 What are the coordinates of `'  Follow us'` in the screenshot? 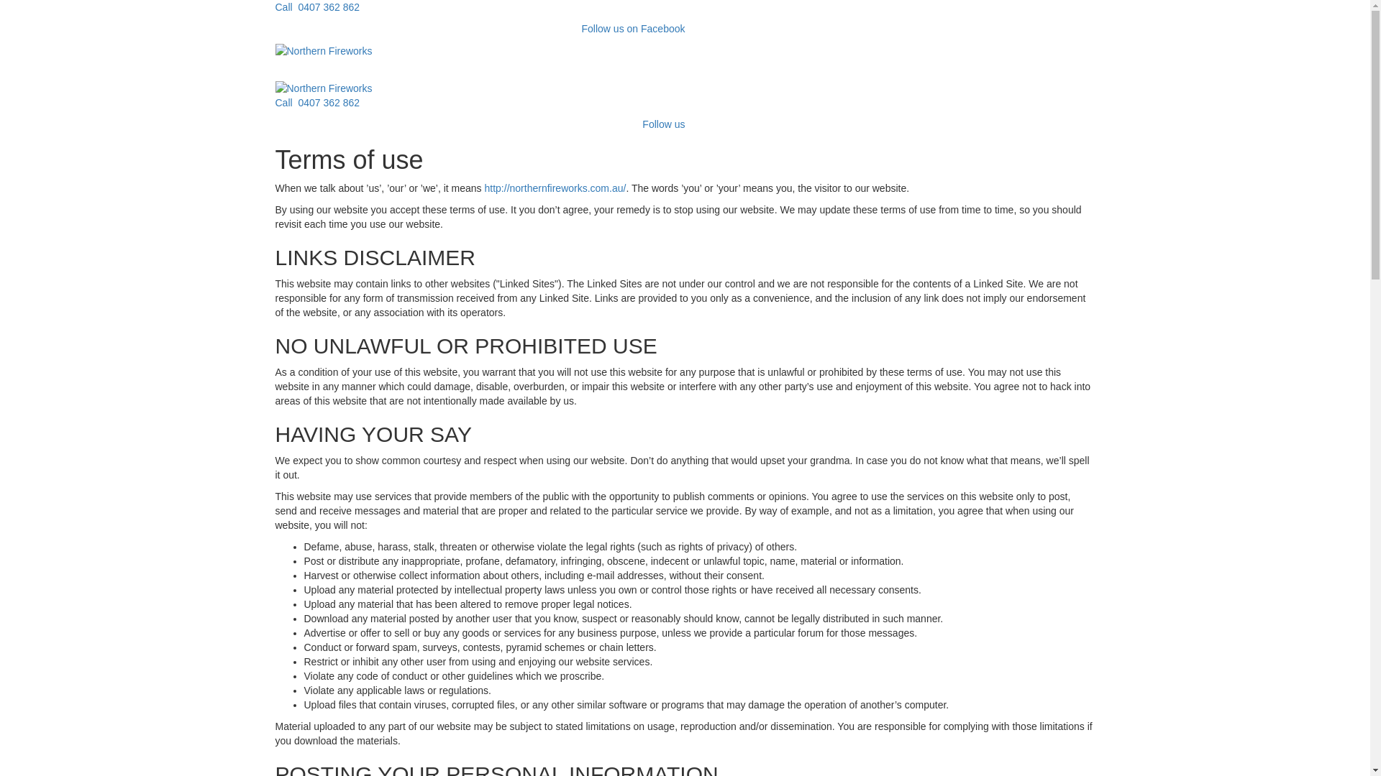 It's located at (660, 124).